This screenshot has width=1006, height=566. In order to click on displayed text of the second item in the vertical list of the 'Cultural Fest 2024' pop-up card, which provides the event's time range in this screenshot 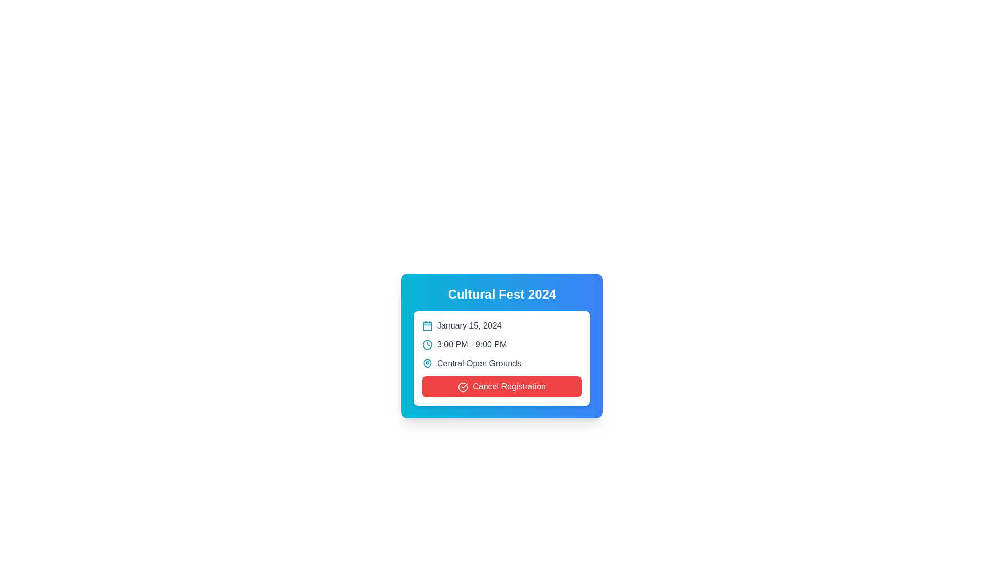, I will do `click(501, 345)`.